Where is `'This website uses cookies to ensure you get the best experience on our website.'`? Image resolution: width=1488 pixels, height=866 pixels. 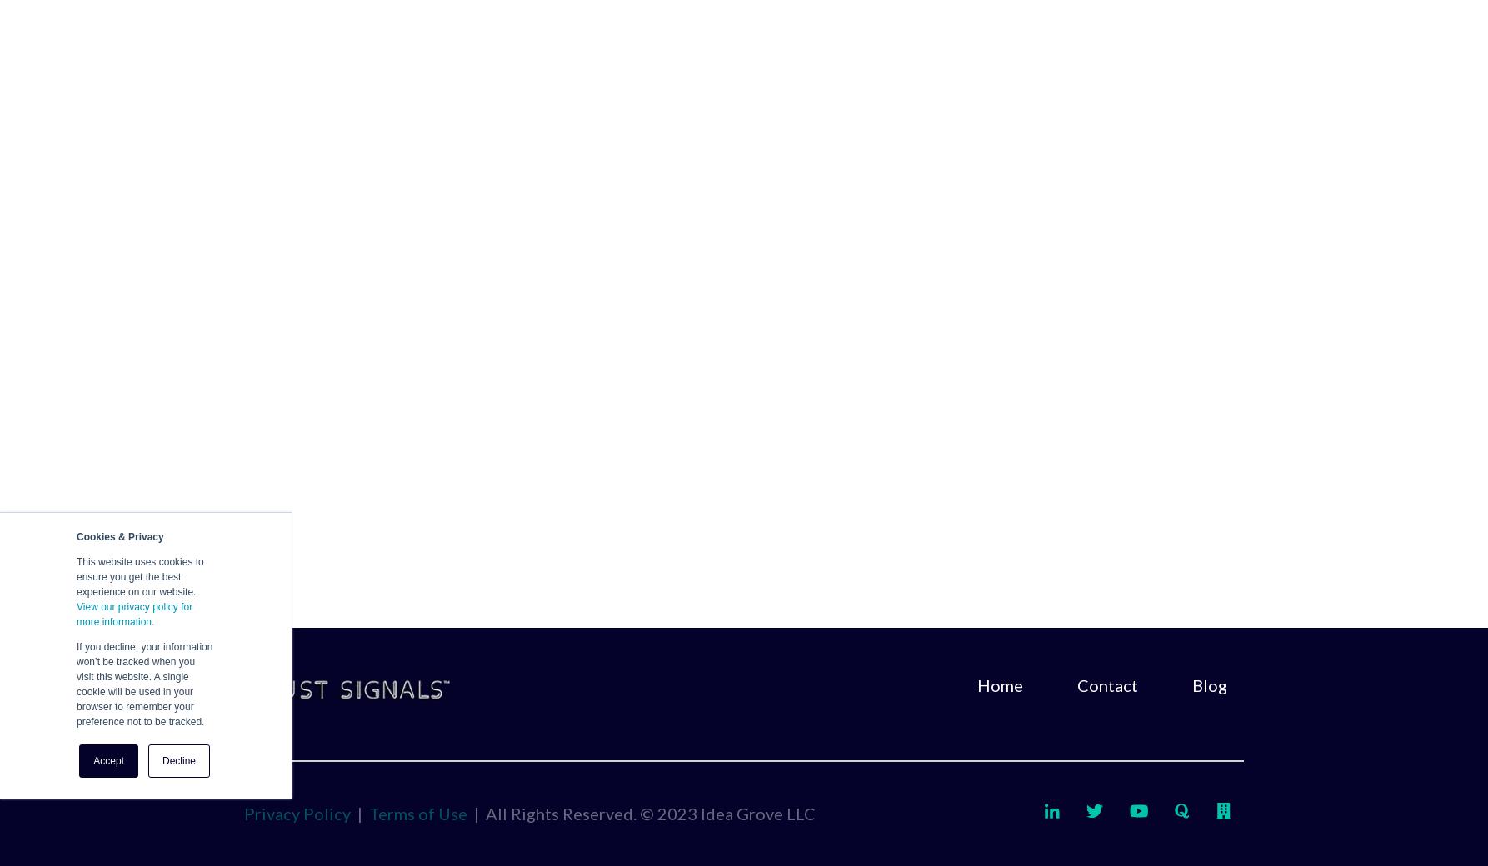
'This website uses cookies to ensure you get the best experience on our website.' is located at coordinates (139, 576).